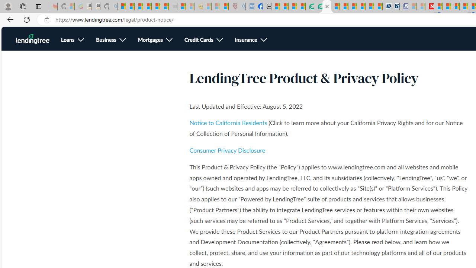 This screenshot has height=268, width=476. What do you see at coordinates (318, 6) in the screenshot?
I see `'Terms of Use Agreement'` at bounding box center [318, 6].